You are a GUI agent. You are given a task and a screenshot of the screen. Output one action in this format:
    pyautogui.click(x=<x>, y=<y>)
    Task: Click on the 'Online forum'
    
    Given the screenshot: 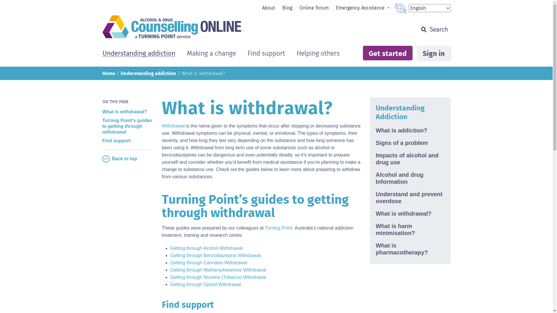 What is the action you would take?
    pyautogui.click(x=314, y=8)
    